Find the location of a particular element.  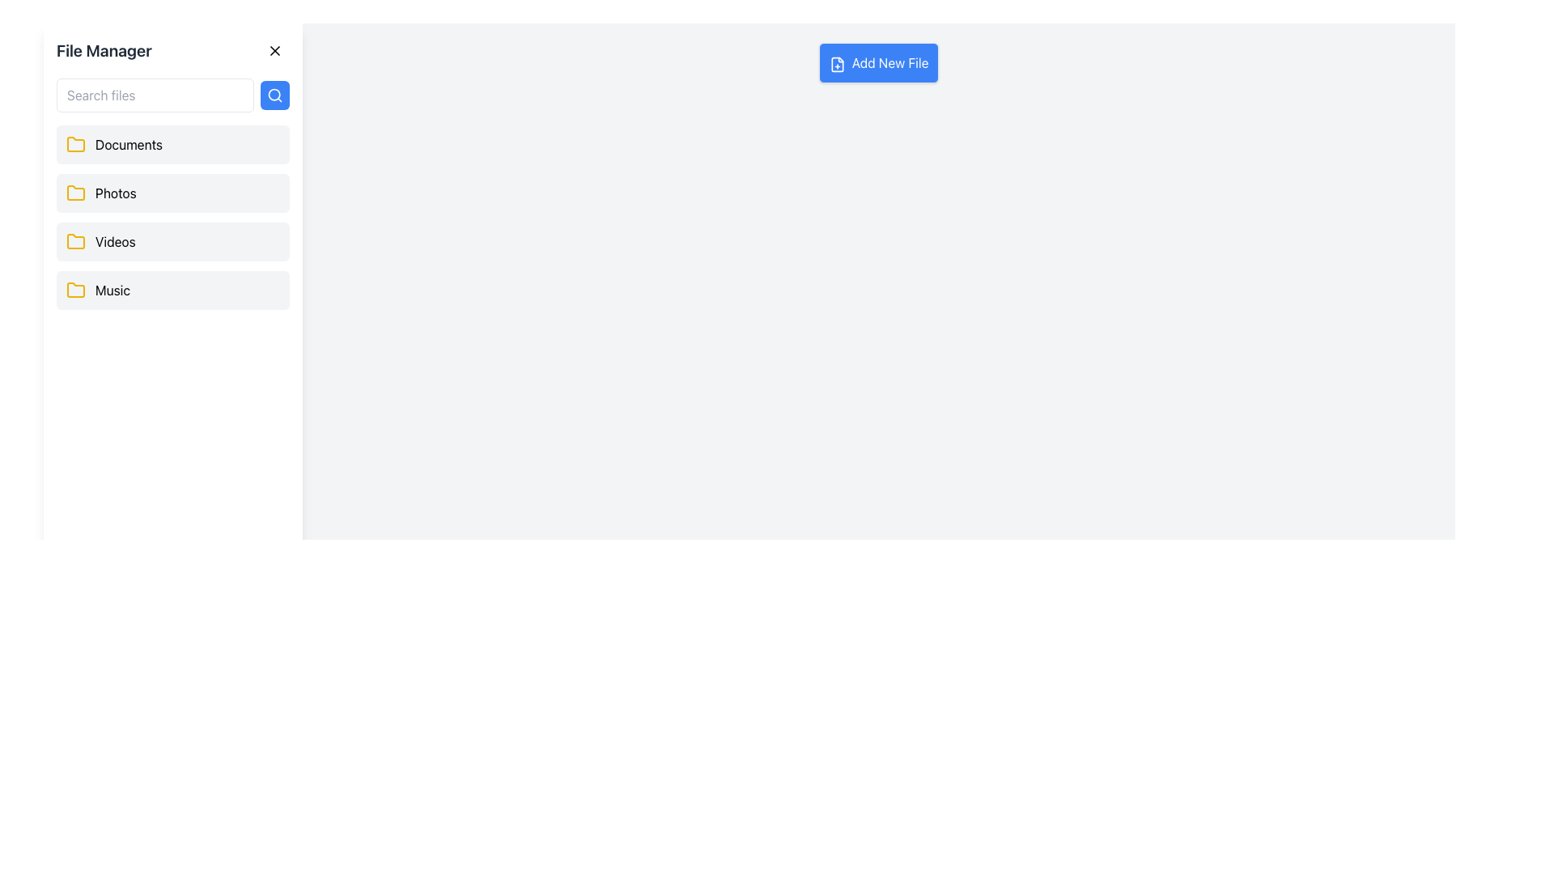

the blue search button with a magnifying glass icon, located to the right of the 'Search files' text input field is located at coordinates (275, 95).